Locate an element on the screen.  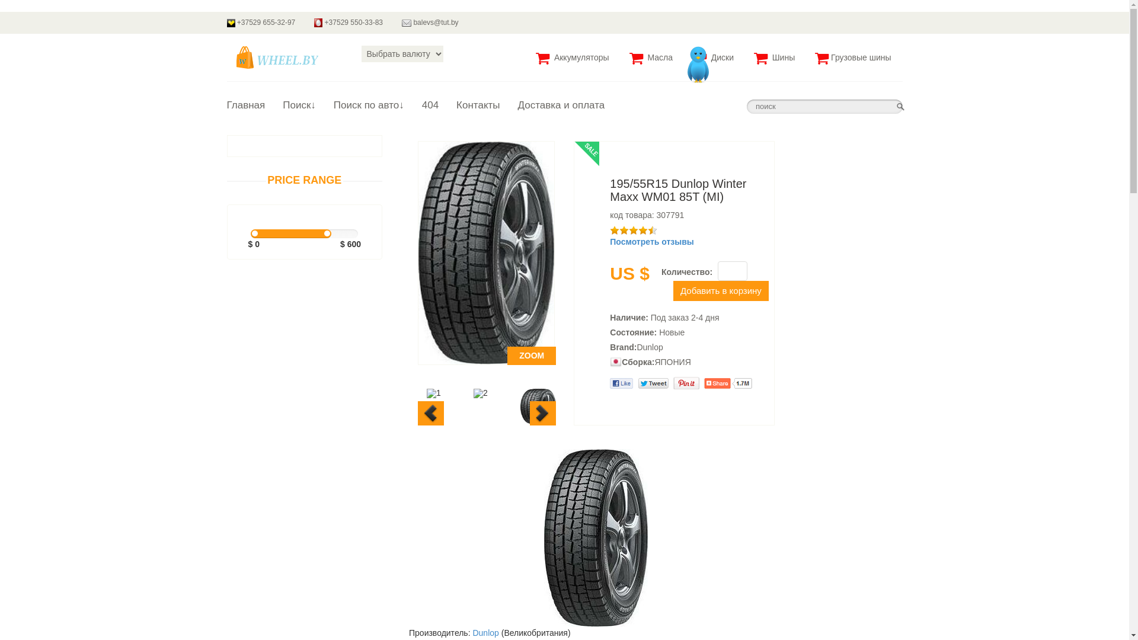
' balevs@tut.by' is located at coordinates (392, 23).